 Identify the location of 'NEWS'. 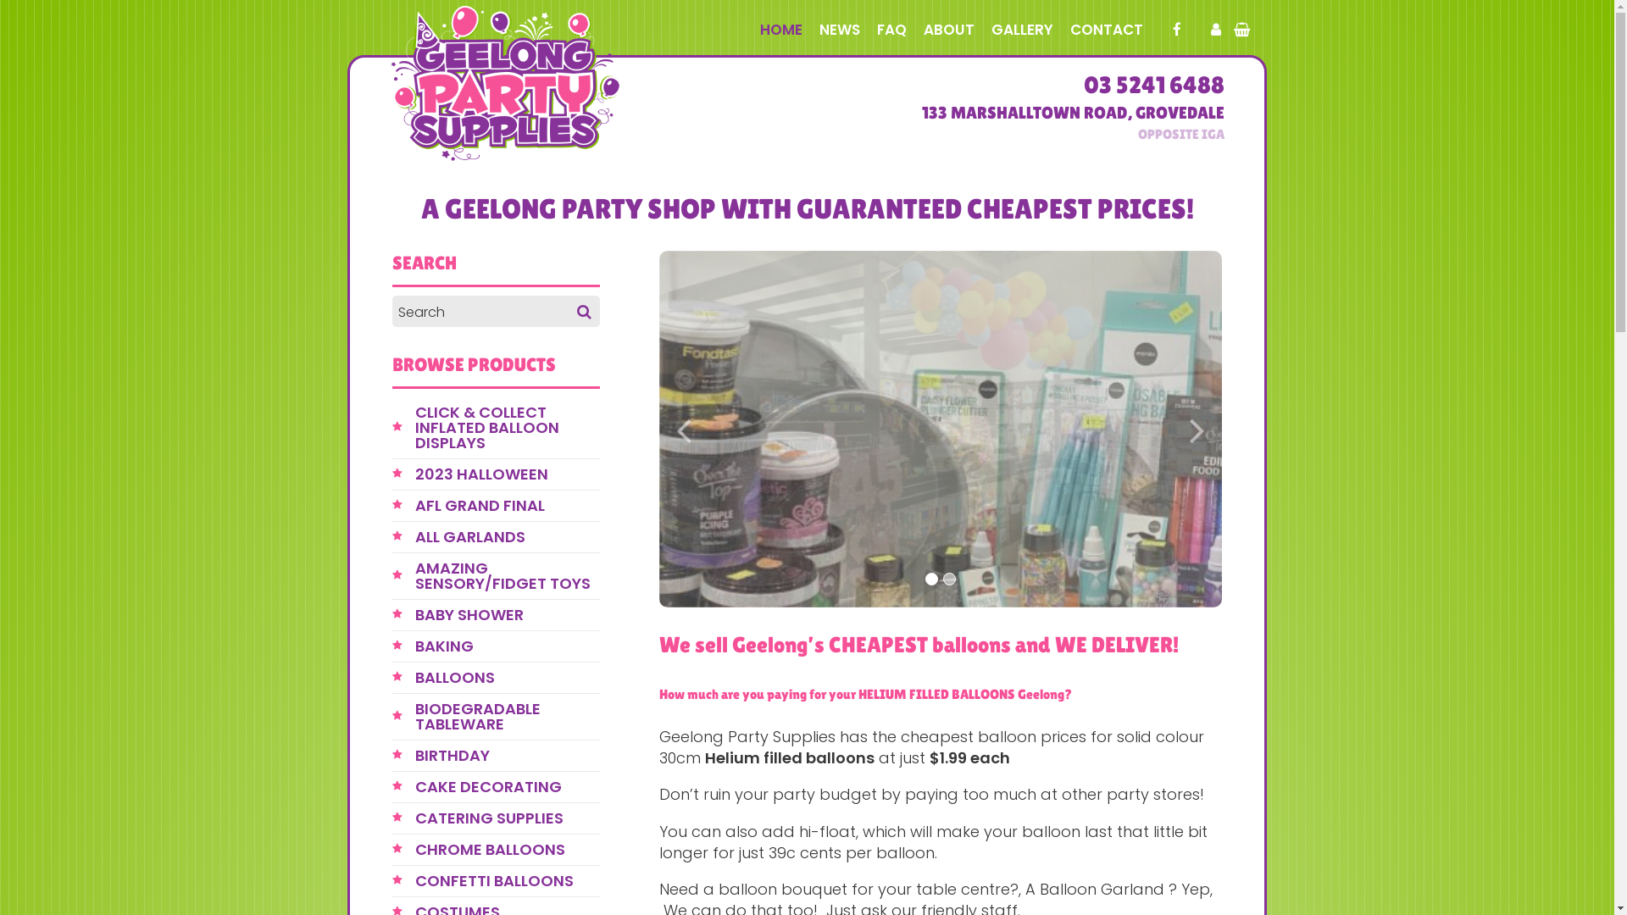
(839, 29).